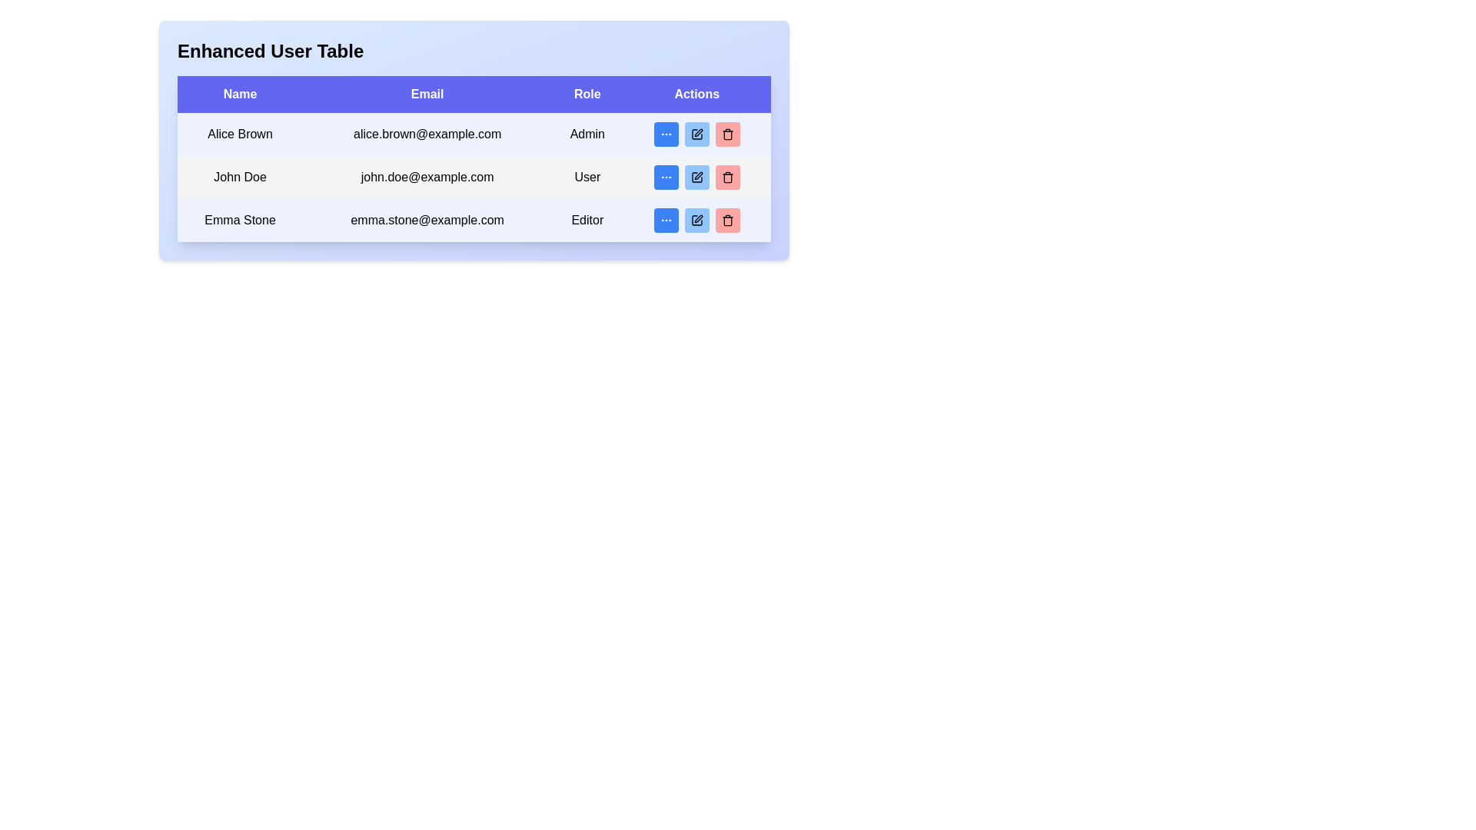  I want to click on the red rectangular button with rounded corners and a trash bin icon, located at the far right of the 'Actions' column in the middle row of the table, so click(726, 177).